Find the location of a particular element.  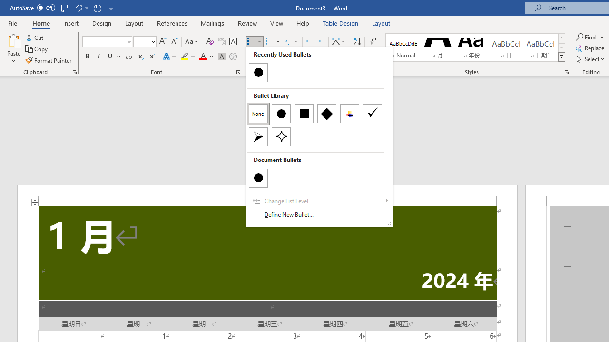

'&Bullets' is located at coordinates (319, 137).